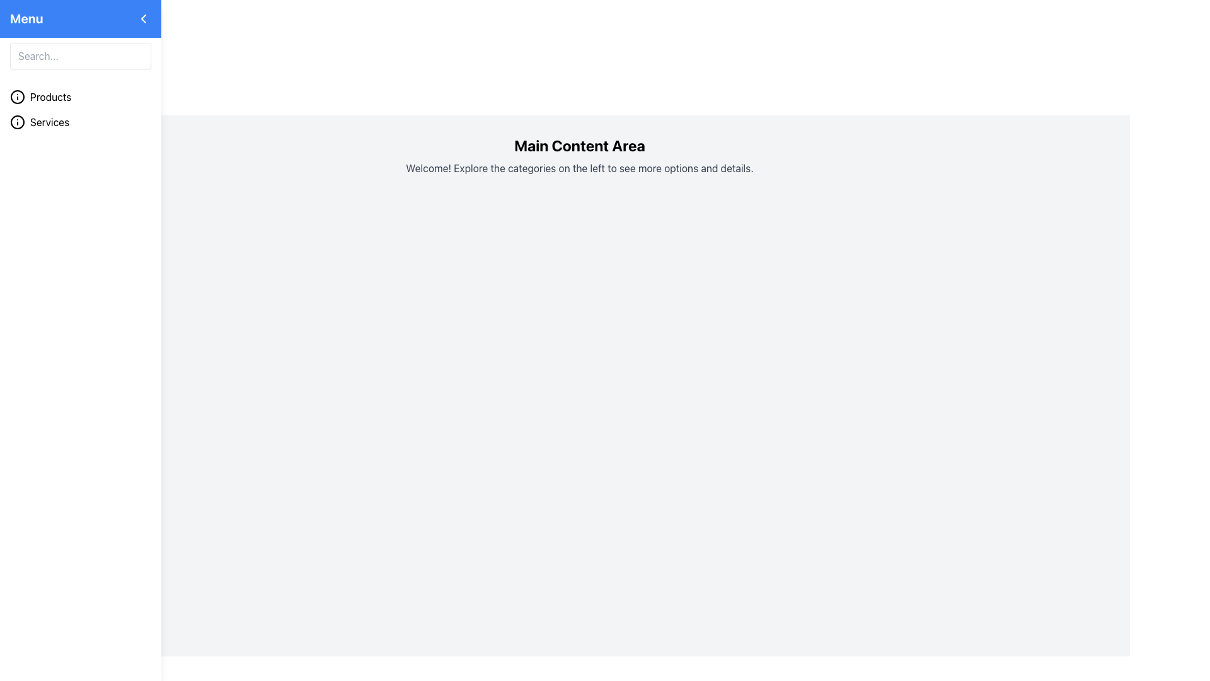  What do you see at coordinates (18, 122) in the screenshot?
I see `the circular icon with a stroked outline and a vertical line inside, located next to the 'Services' text in the left-hand menu` at bounding box center [18, 122].